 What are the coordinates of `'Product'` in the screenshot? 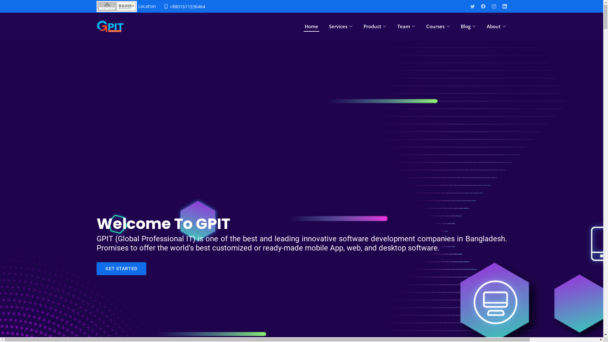 It's located at (375, 26).